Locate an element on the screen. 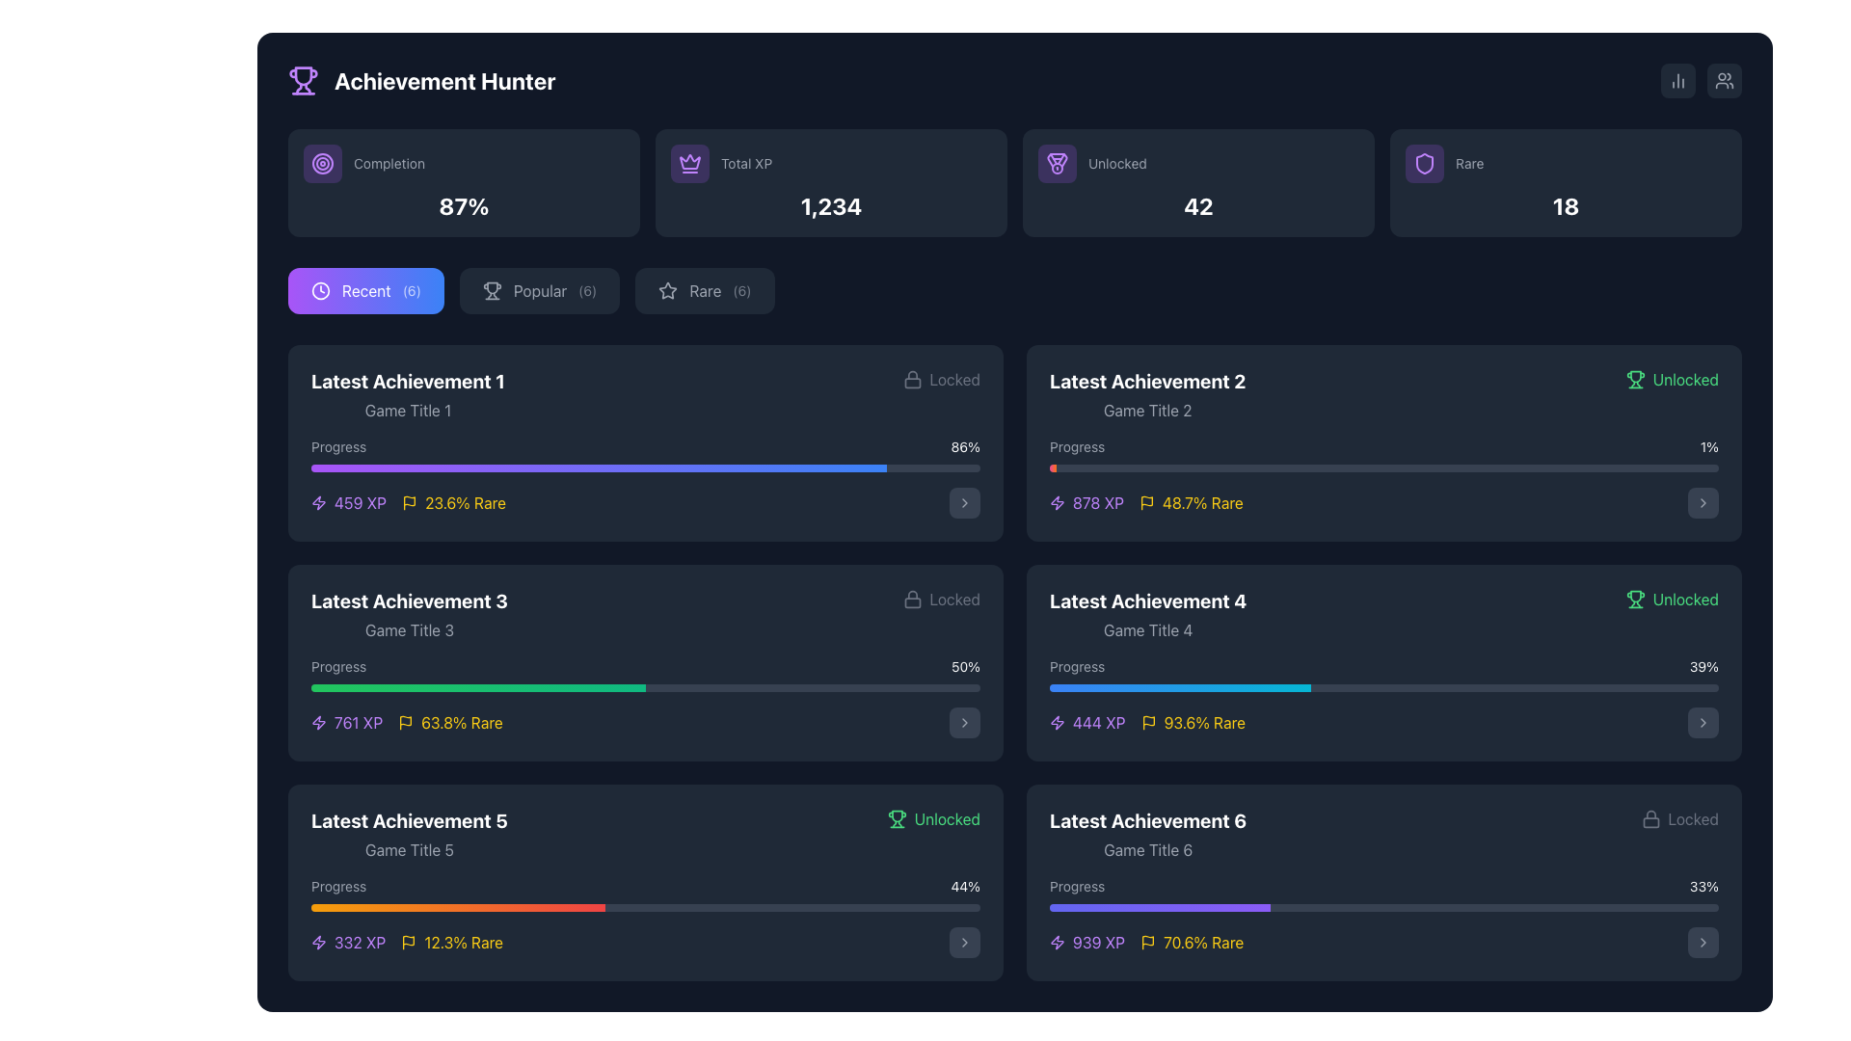  the activity or energy-related icon in the 'Latest Achievement 3' section, located at the bottom-right adjacent to XP and rarity information is located at coordinates (319, 501).